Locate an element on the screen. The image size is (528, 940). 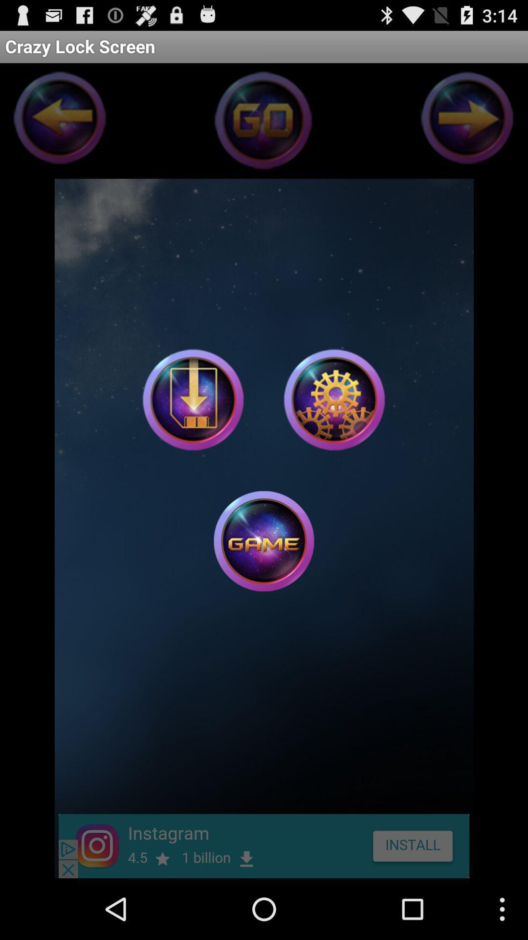
the icon below the crazy lock screen is located at coordinates (193, 399).